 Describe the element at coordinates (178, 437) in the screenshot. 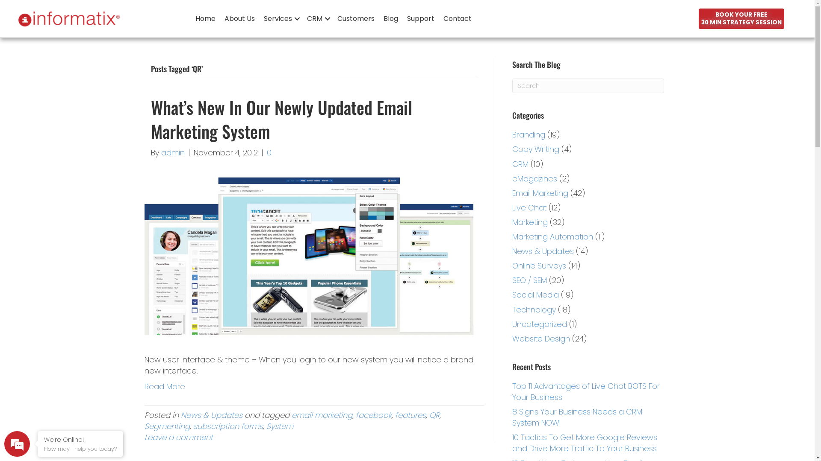

I see `'Leave a comment'` at that location.